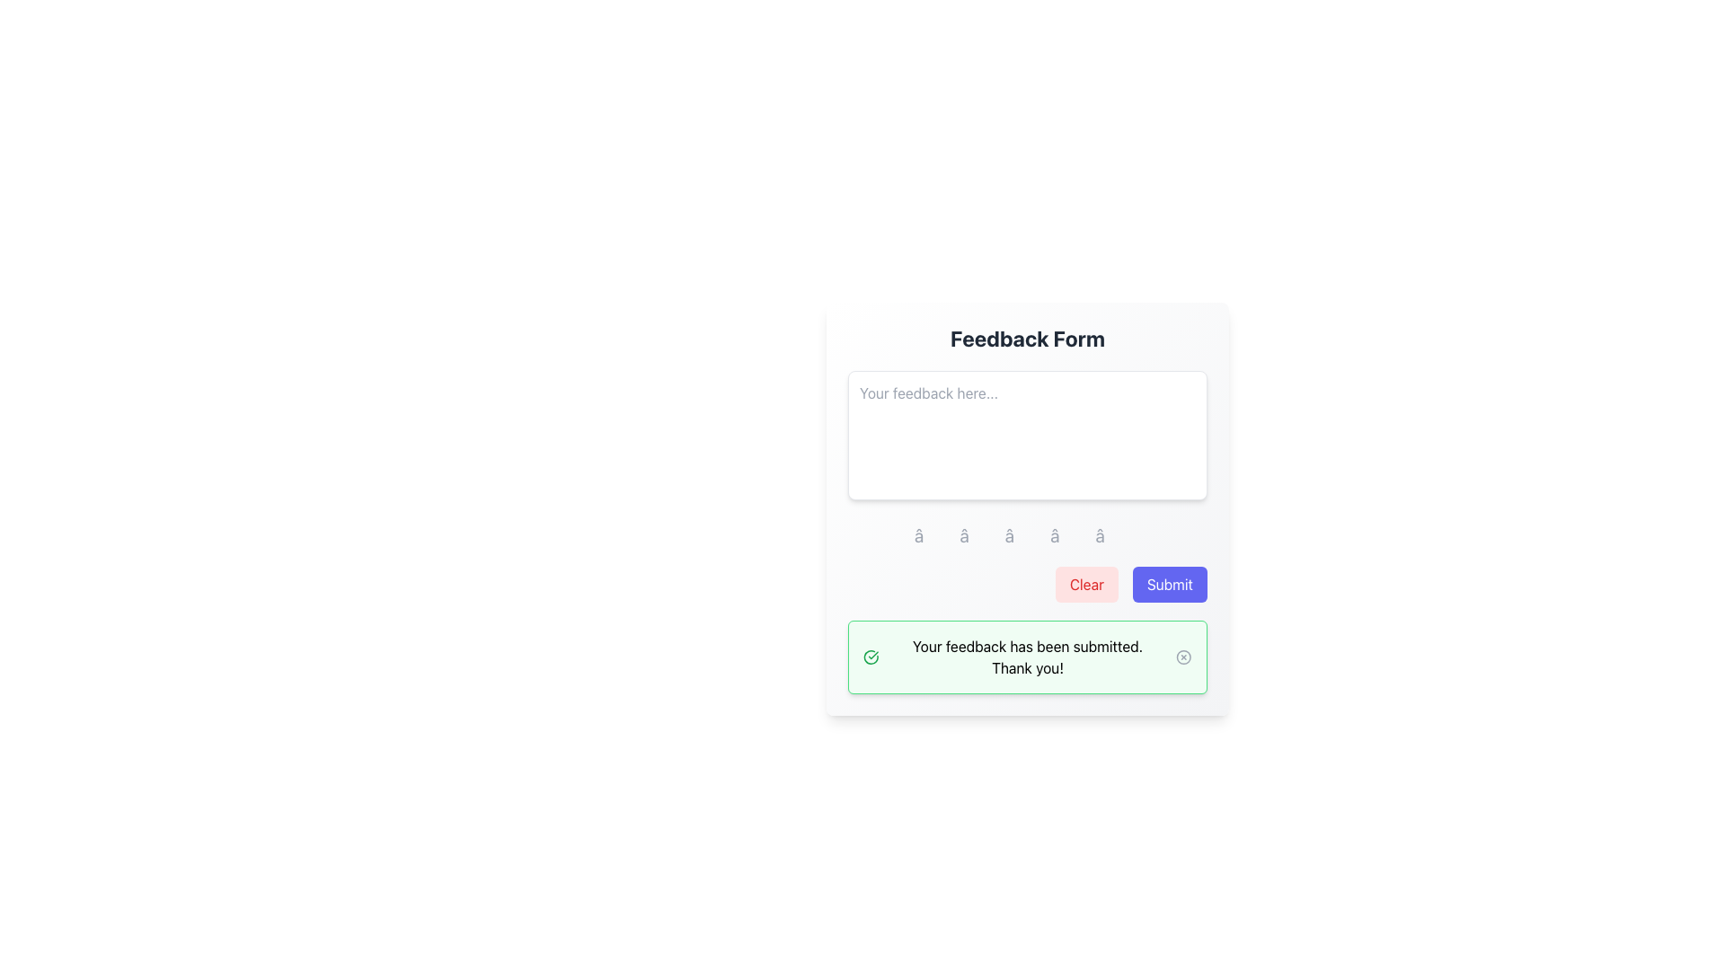 The width and height of the screenshot is (1725, 970). I want to click on the clear button located to the left of the 'Submit' button at the bottom of the form interface, so click(1085, 585).